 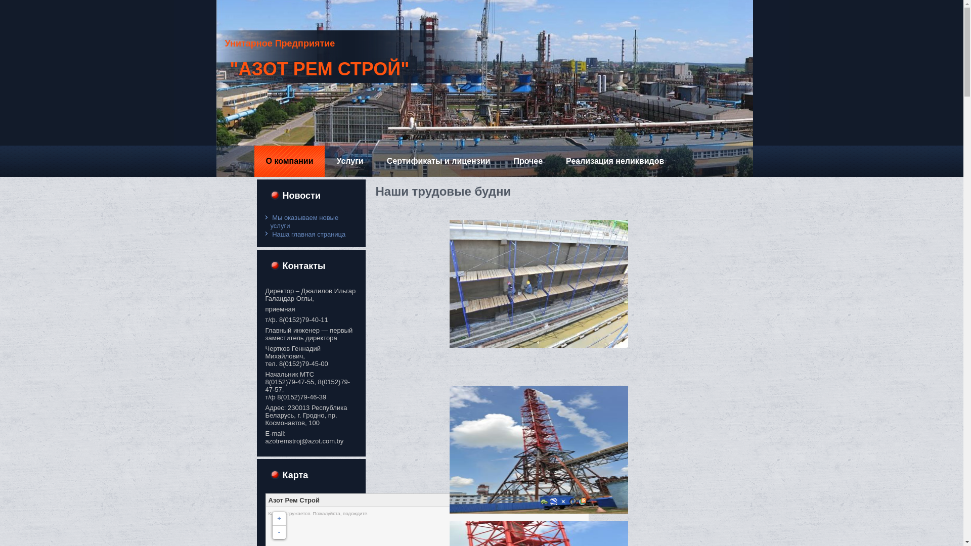 What do you see at coordinates (279, 519) in the screenshot?
I see `'+'` at bounding box center [279, 519].